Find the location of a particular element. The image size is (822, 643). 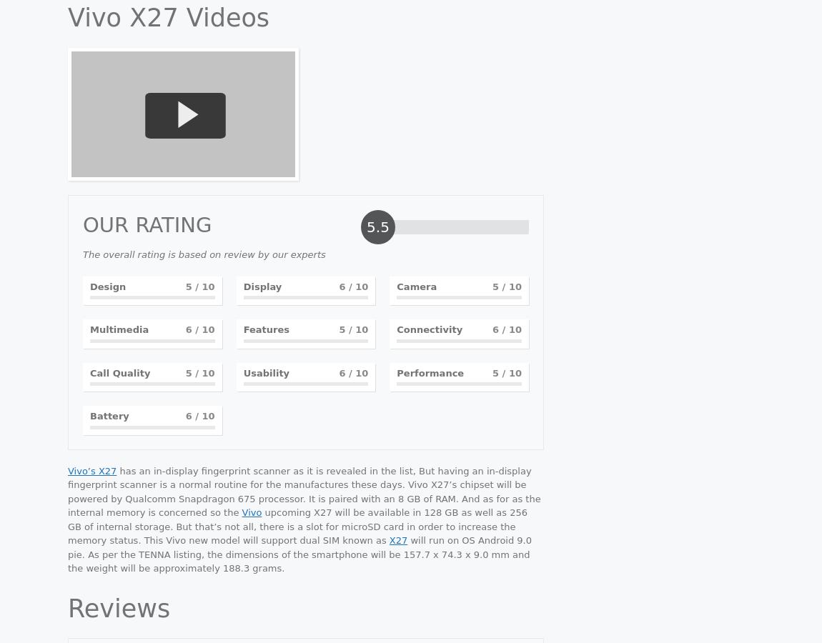

'Call Quality' is located at coordinates (119, 372).